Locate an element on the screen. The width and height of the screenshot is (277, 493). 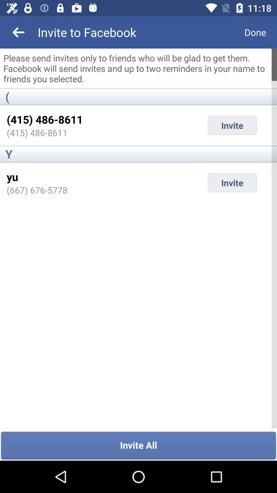
item above the invite all icon is located at coordinates (37, 190).